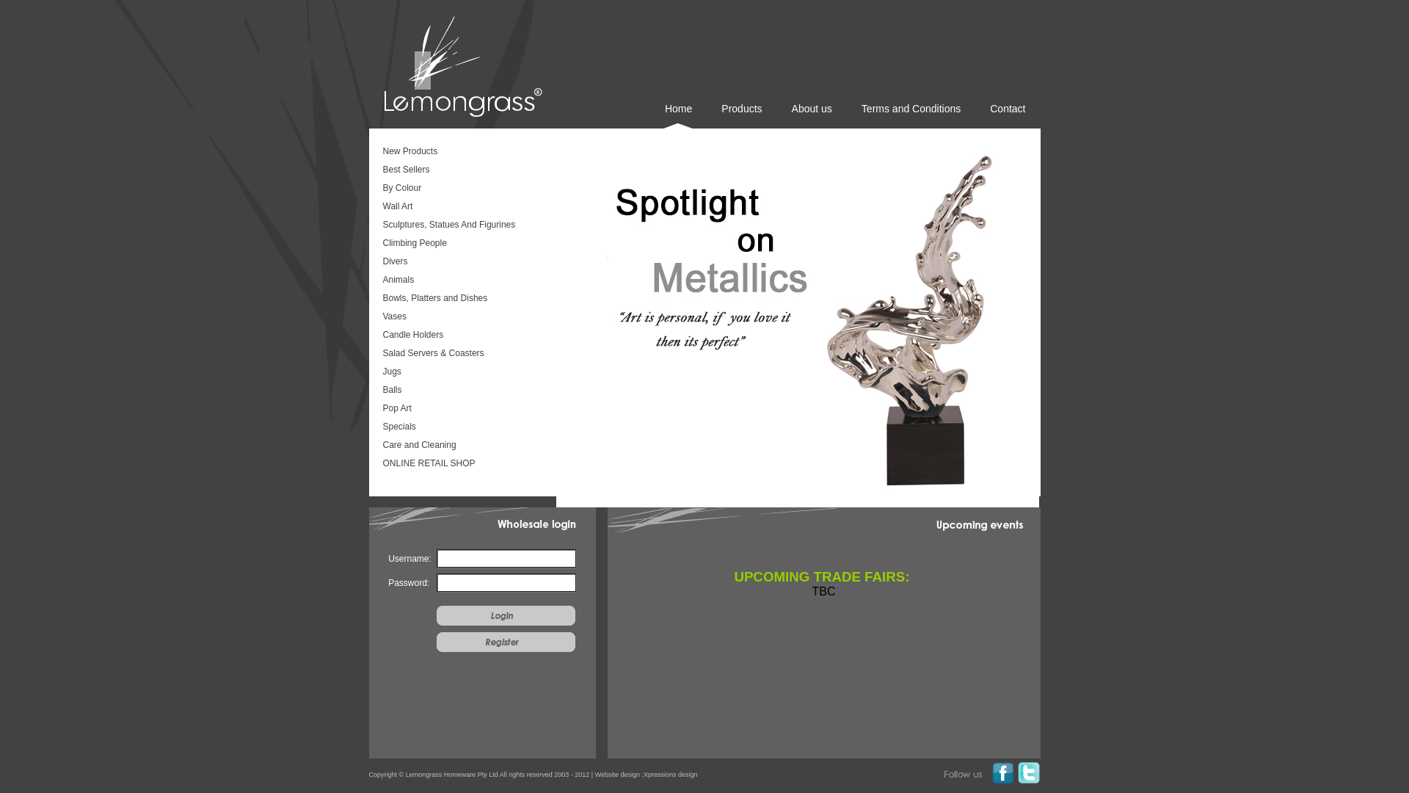 The image size is (1409, 793). What do you see at coordinates (460, 427) in the screenshot?
I see `'Specials'` at bounding box center [460, 427].